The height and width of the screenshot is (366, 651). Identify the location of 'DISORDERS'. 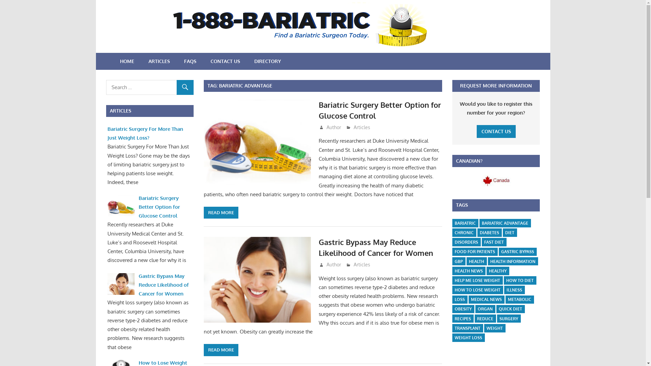
(466, 242).